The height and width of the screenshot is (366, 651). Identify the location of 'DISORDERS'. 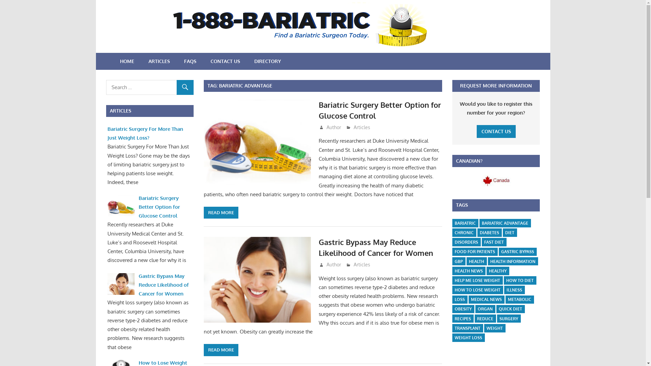
(466, 242).